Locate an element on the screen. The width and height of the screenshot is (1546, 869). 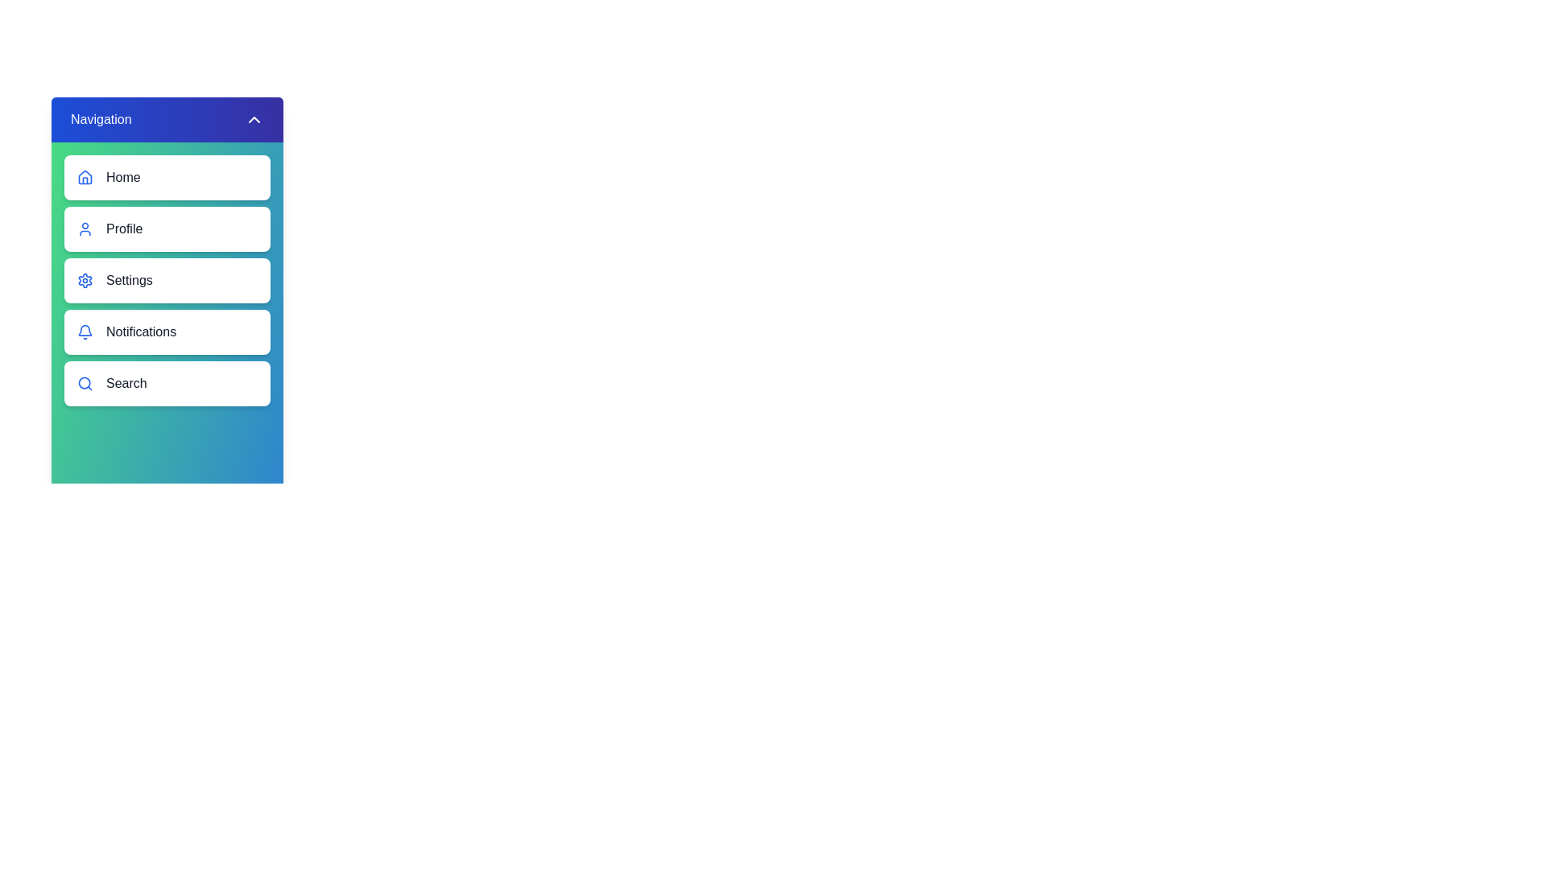
the notifications button, which is the fourth item in the vertical navigation list is located at coordinates (167, 331).